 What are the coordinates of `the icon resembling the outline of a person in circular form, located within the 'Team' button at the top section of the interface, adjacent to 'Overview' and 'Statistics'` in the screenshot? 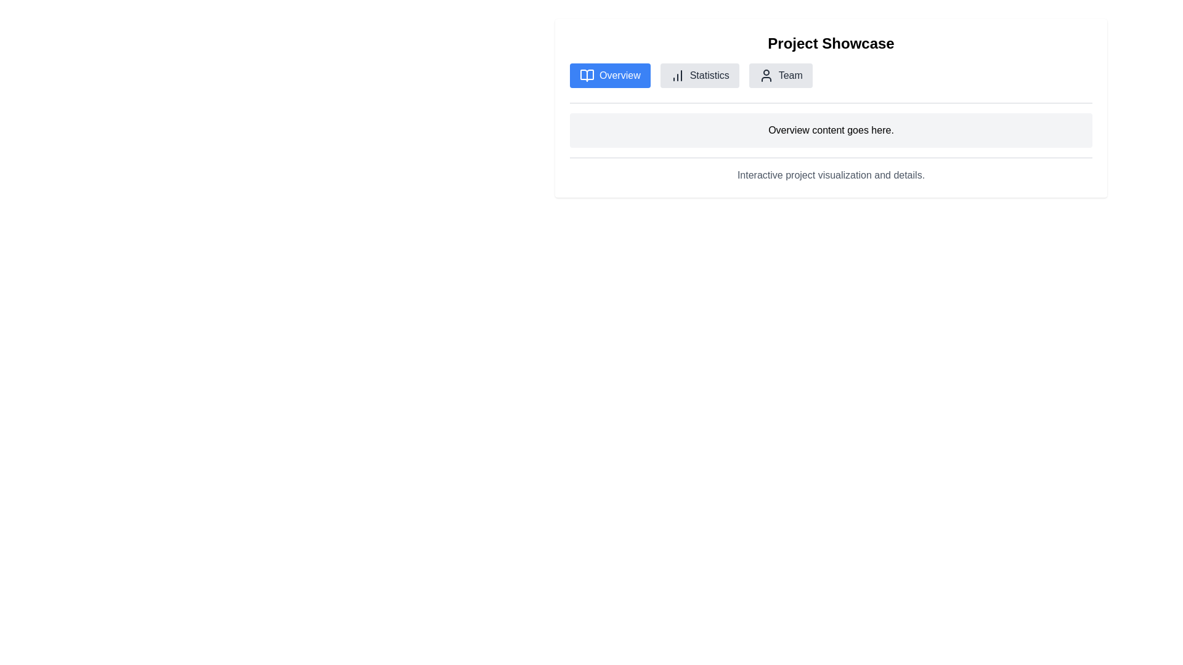 It's located at (765, 76).